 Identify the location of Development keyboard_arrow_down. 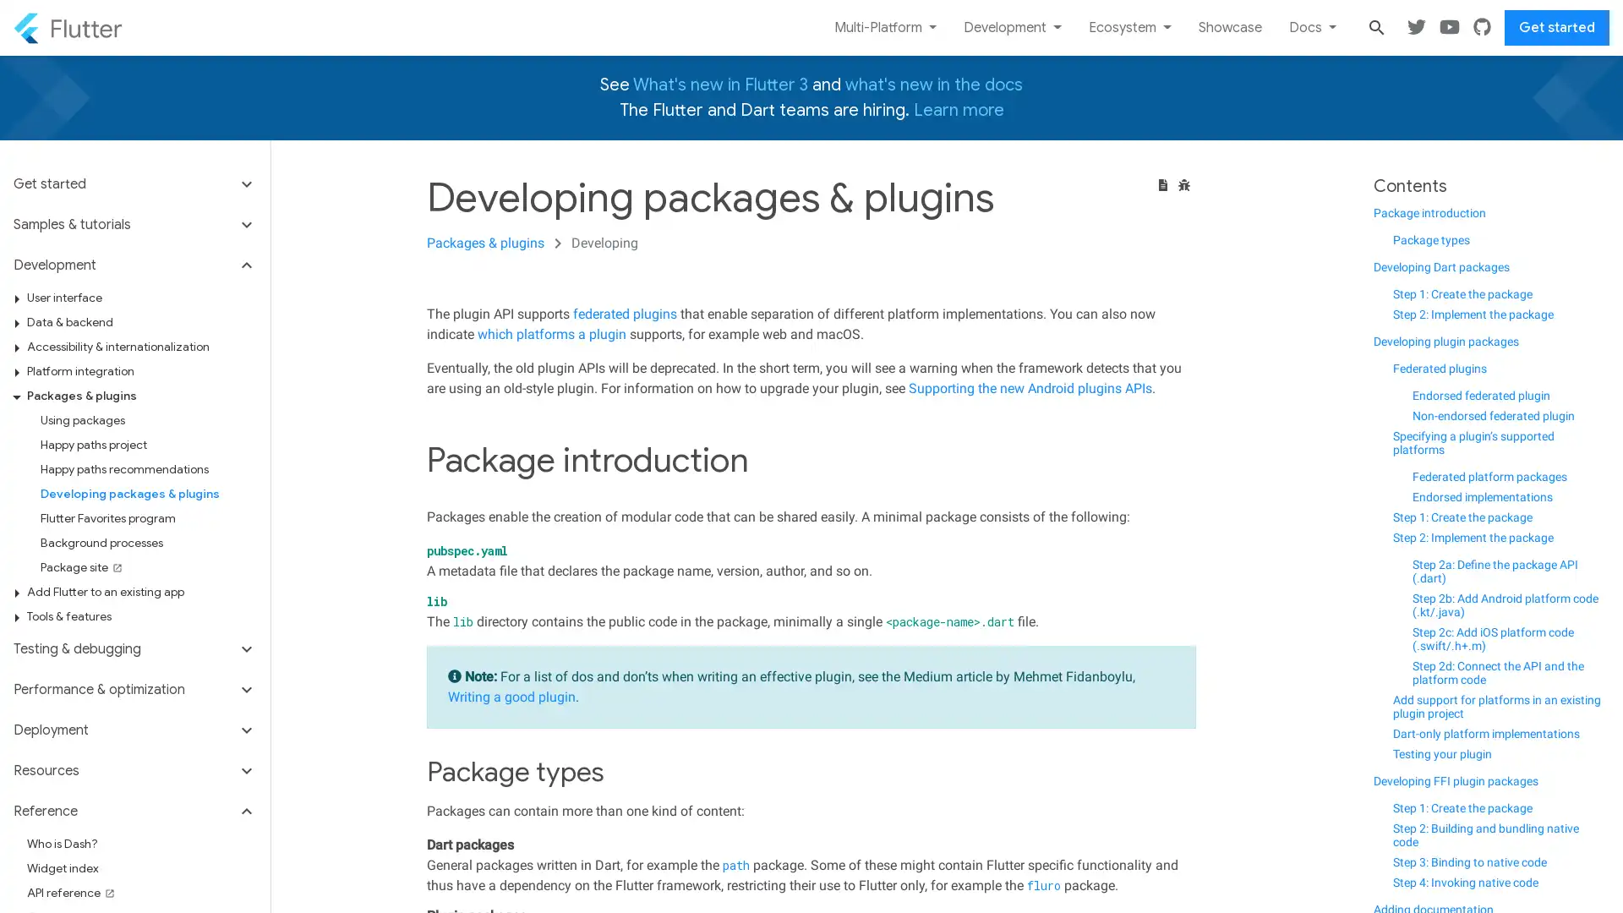
(134, 265).